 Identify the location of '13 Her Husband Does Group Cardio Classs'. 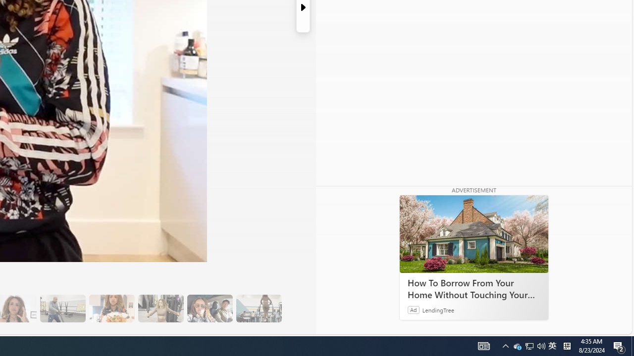
(62, 308).